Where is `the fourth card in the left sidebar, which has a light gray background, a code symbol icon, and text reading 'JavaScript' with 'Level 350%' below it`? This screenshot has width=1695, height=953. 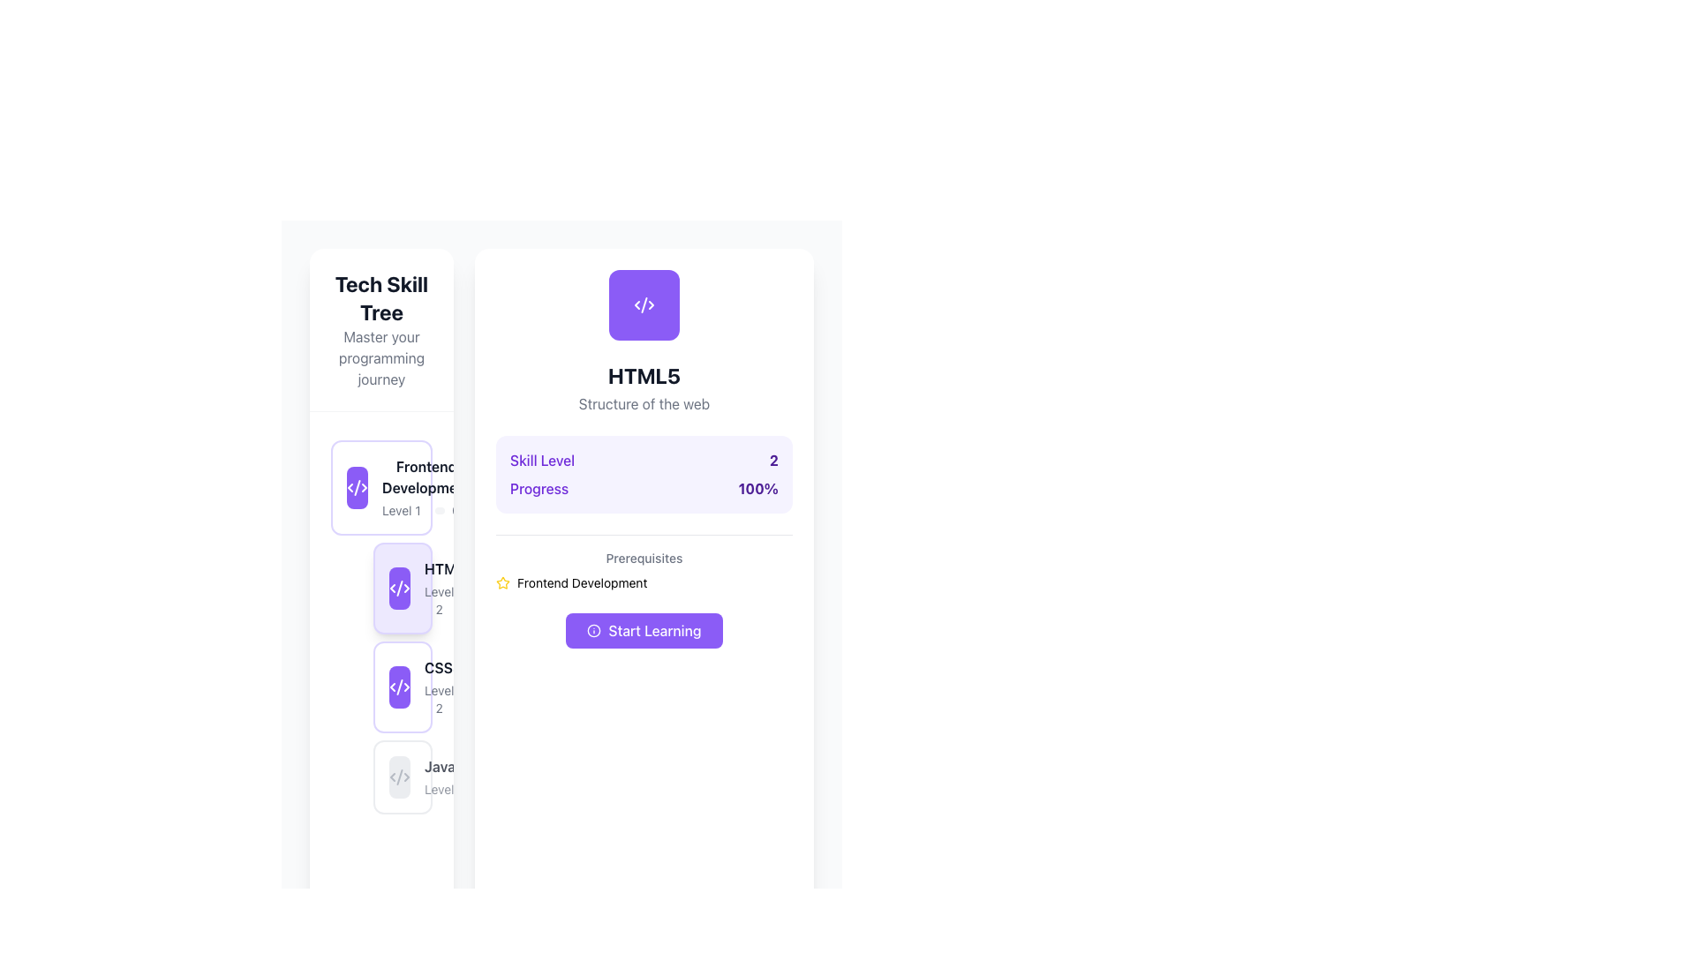
the fourth card in the left sidebar, which has a light gray background, a code symbol icon, and text reading 'JavaScript' with 'Level 350%' below it is located at coordinates (402, 776).